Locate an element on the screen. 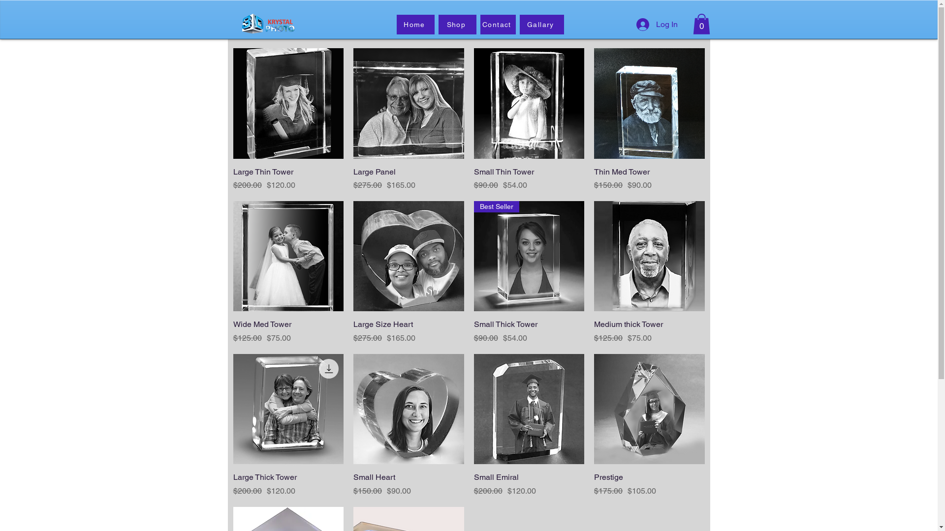  'Contact' is located at coordinates (498, 24).